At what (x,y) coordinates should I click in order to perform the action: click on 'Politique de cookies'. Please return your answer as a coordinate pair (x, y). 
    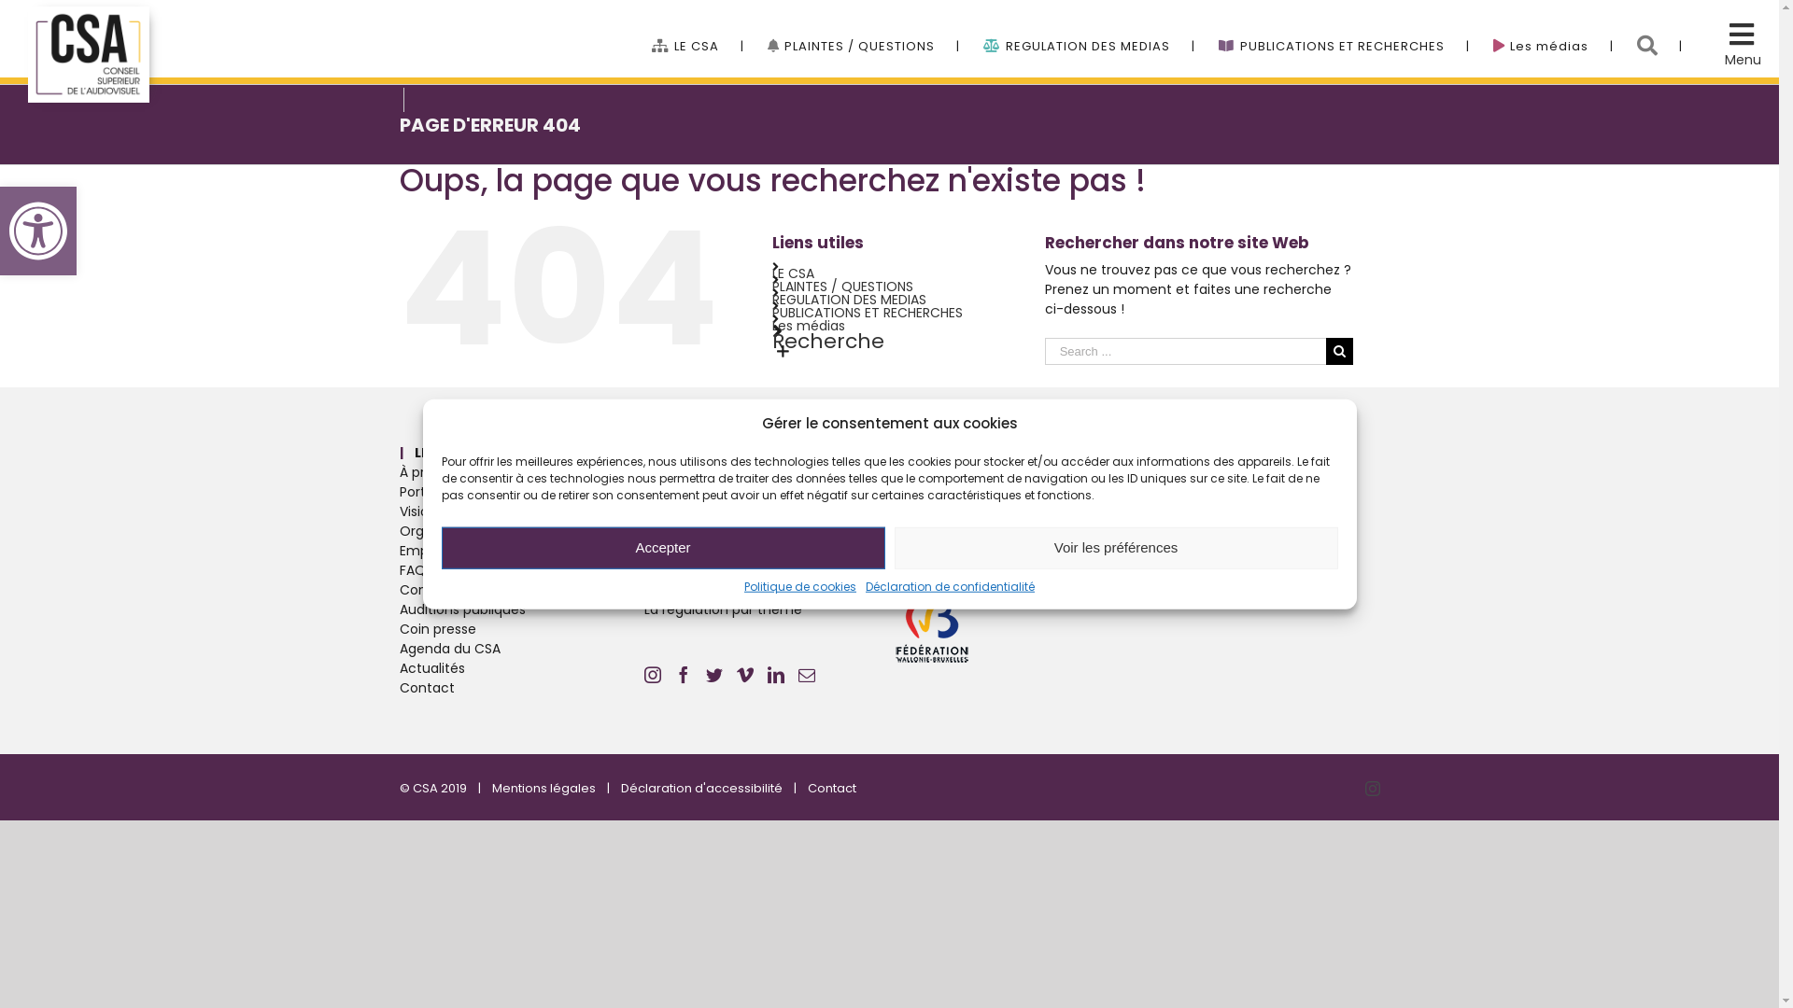
    Looking at the image, I should click on (742, 585).